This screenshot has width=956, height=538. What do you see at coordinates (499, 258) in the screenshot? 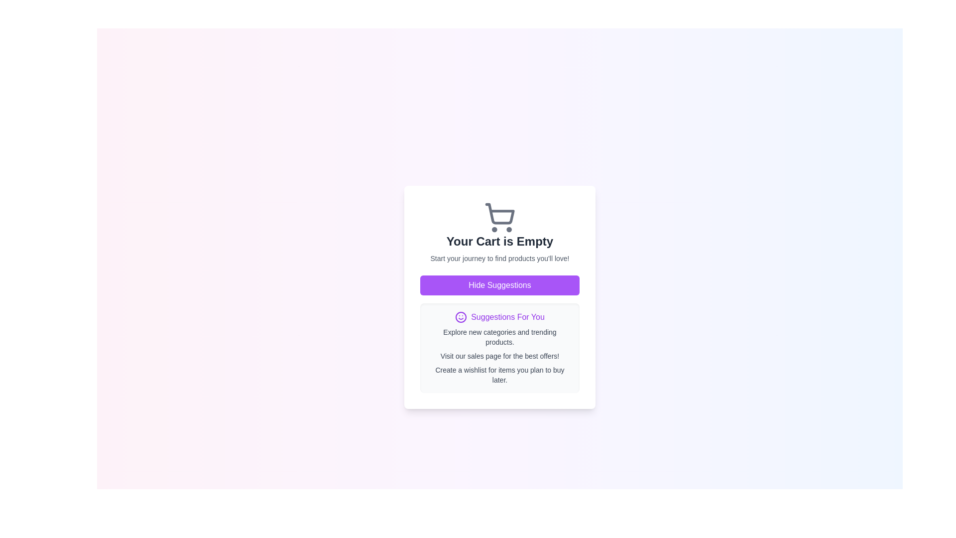
I see `guiding text positioned below the heading 'Your Cart is Empty' and above the purple button labeled 'Hide Suggestions'` at bounding box center [499, 258].